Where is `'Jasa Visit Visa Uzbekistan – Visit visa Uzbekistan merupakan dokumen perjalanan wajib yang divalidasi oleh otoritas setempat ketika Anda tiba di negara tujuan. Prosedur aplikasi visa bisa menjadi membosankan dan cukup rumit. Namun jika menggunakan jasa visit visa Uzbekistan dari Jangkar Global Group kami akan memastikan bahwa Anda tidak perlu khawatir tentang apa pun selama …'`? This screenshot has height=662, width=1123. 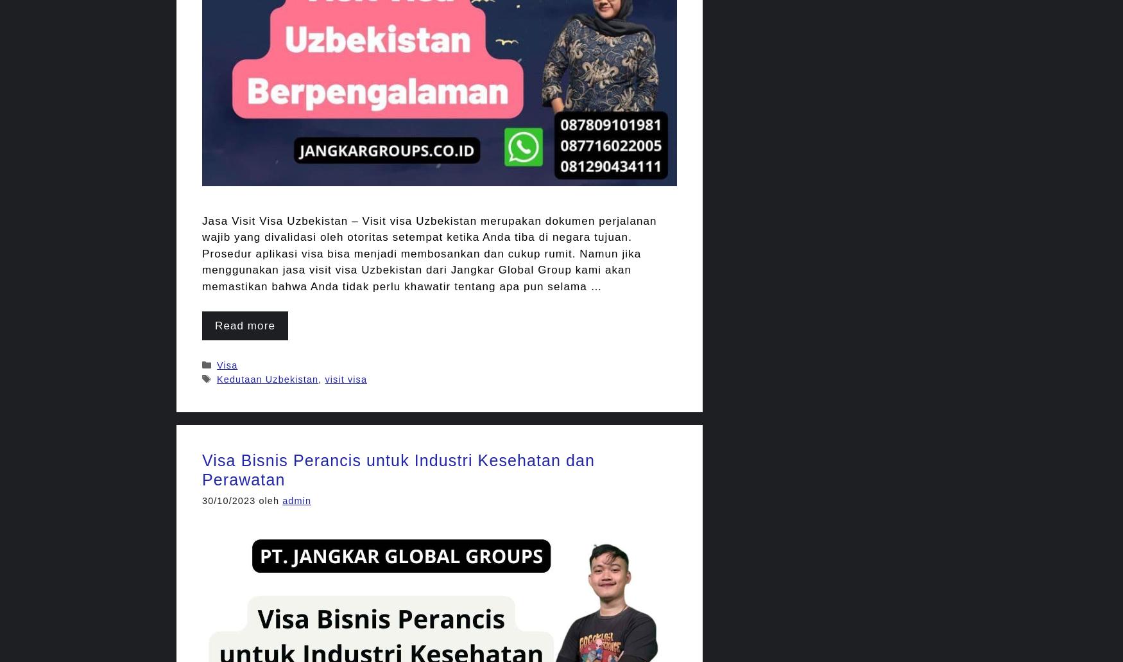
'Jasa Visit Visa Uzbekistan – Visit visa Uzbekistan merupakan dokumen perjalanan wajib yang divalidasi oleh otoritas setempat ketika Anda tiba di negara tujuan. Prosedur aplikasi visa bisa menjadi membosankan dan cukup rumit. Namun jika menggunakan jasa visit visa Uzbekistan dari Jangkar Global Group kami akan memastikan bahwa Anda tidak perlu khawatir tentang apa pun selama …' is located at coordinates (429, 252).